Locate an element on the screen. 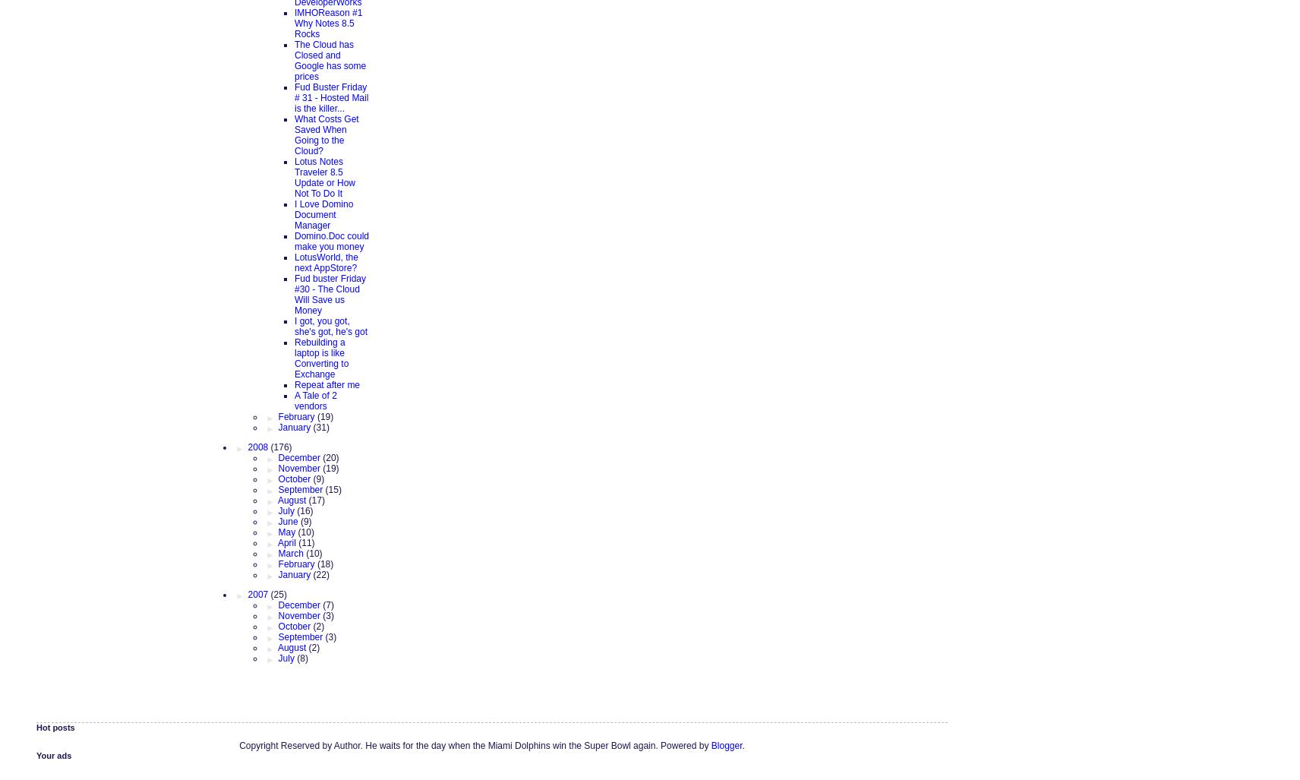 The width and height of the screenshot is (1300, 780). 'What Costs Get Saved When Going to the Cloud?' is located at coordinates (326, 133).